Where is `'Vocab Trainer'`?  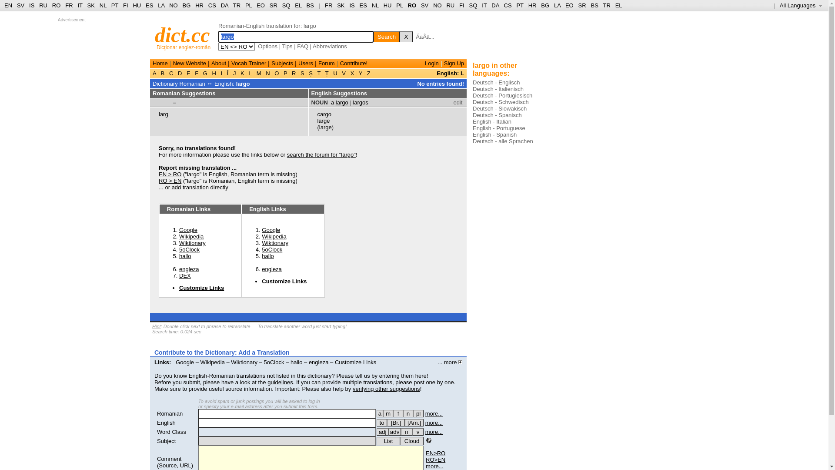
'Vocab Trainer' is located at coordinates (248, 63).